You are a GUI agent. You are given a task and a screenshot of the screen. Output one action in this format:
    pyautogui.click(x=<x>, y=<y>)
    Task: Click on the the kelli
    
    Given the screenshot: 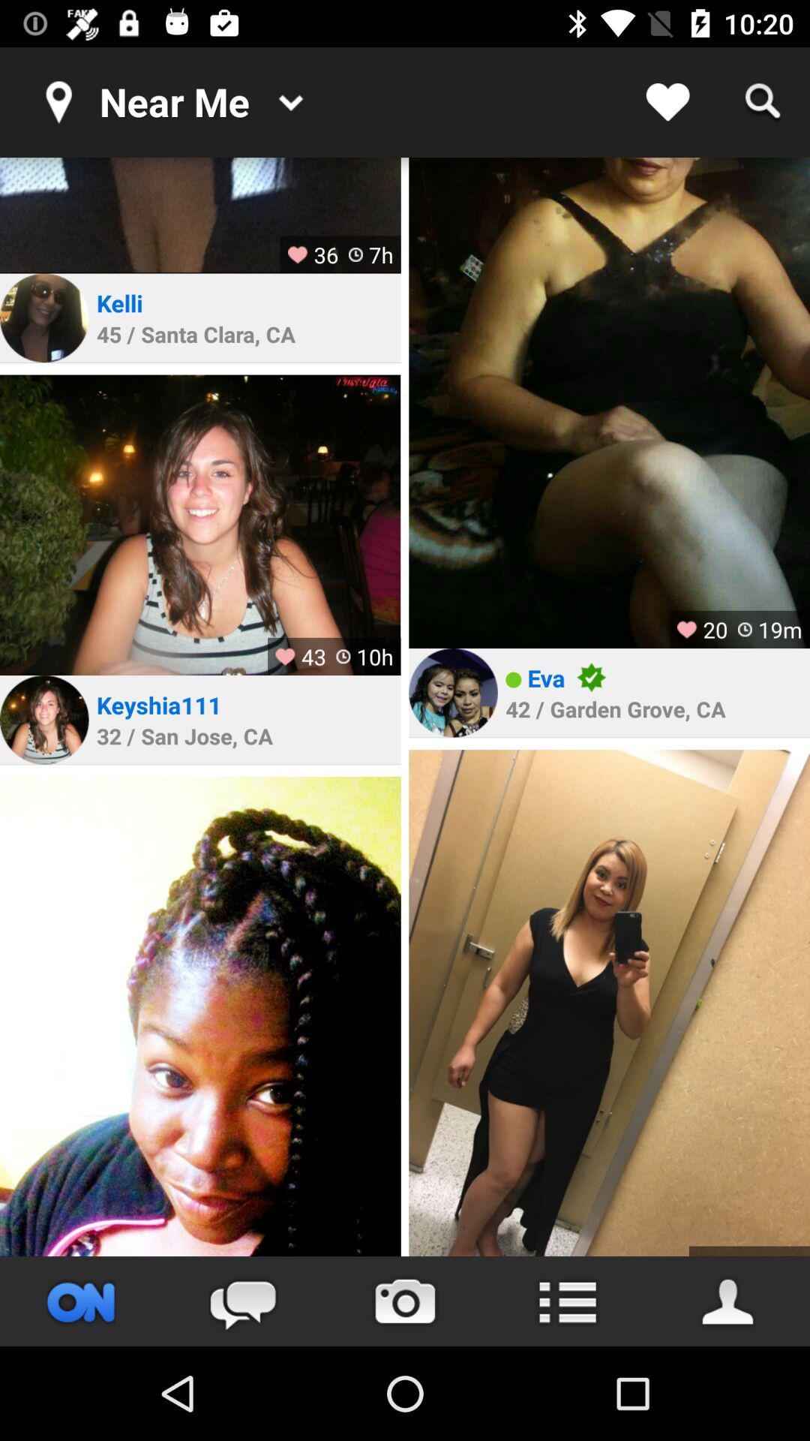 What is the action you would take?
    pyautogui.click(x=121, y=302)
    